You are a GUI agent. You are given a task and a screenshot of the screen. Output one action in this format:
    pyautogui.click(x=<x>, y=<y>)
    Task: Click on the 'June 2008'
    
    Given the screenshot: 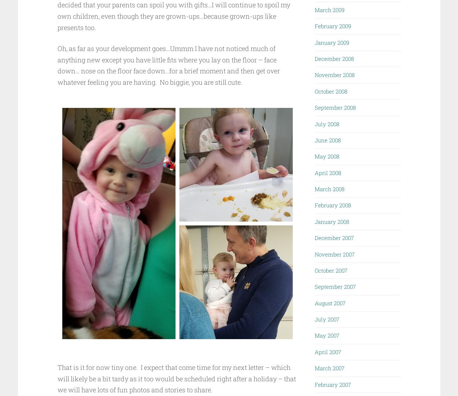 What is the action you would take?
    pyautogui.click(x=328, y=139)
    